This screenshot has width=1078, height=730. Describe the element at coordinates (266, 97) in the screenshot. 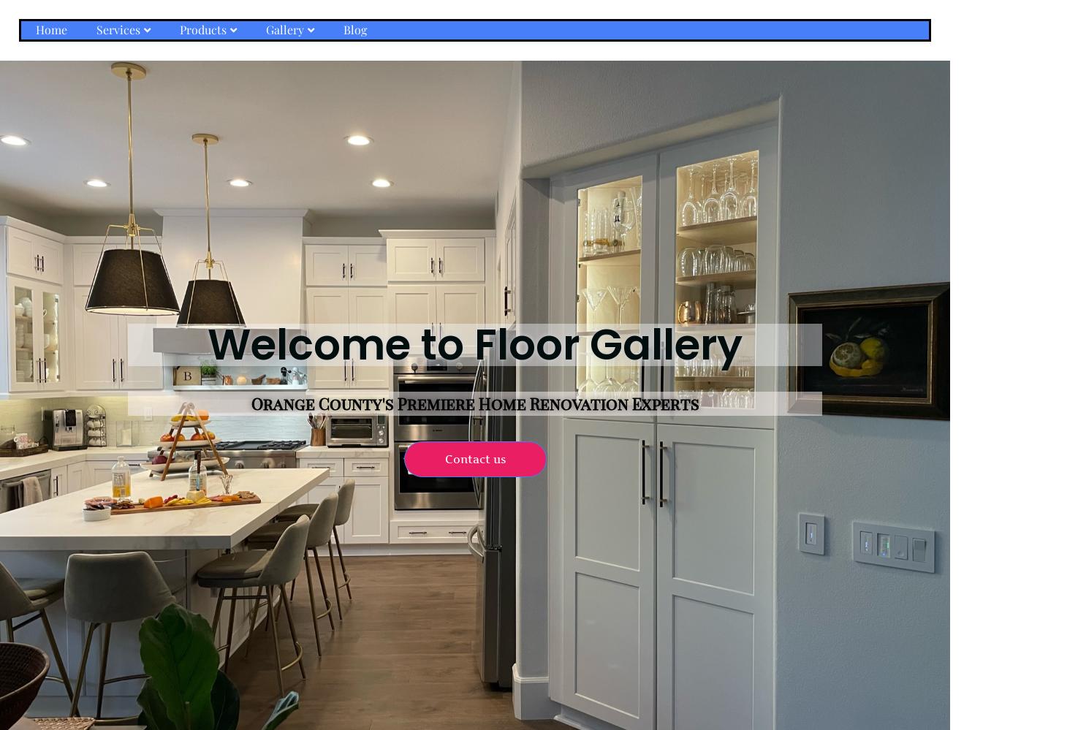

I see `'Video Gallery'` at that location.